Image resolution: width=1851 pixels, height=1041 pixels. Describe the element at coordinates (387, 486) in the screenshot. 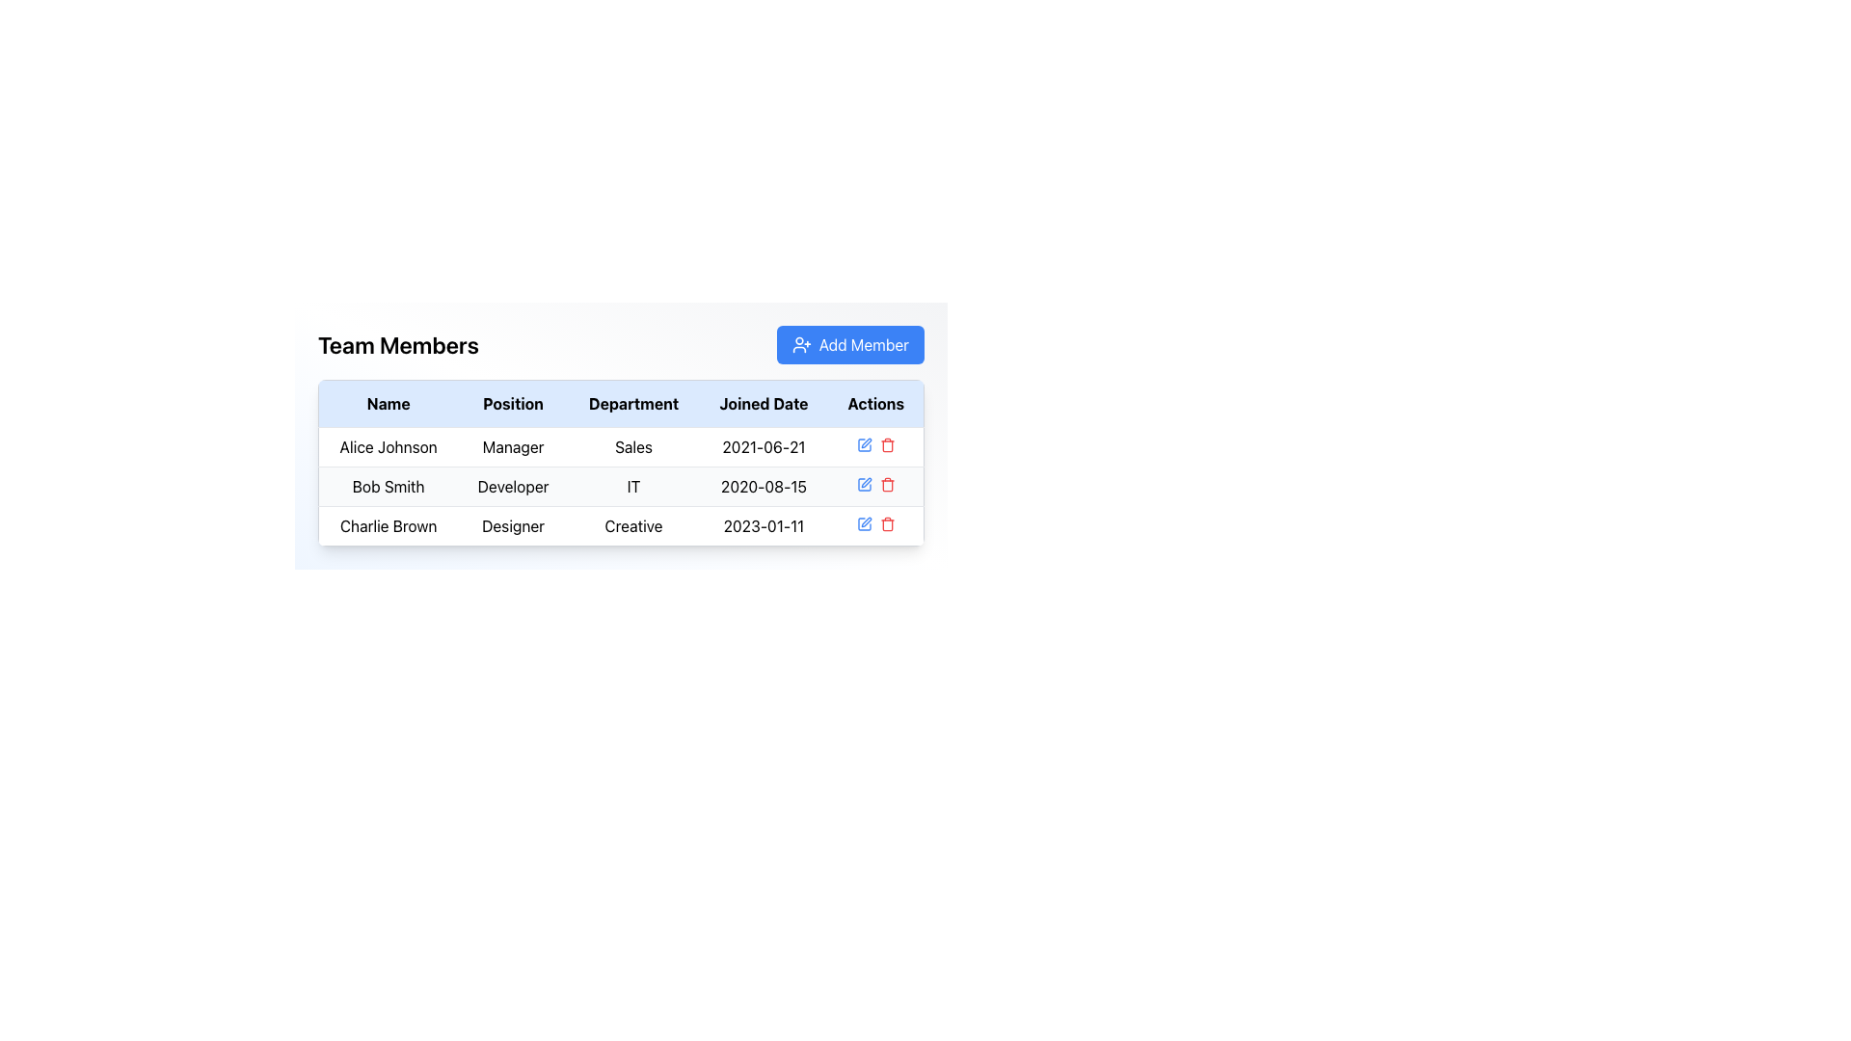

I see `the text label 'Bob Smith'` at that location.